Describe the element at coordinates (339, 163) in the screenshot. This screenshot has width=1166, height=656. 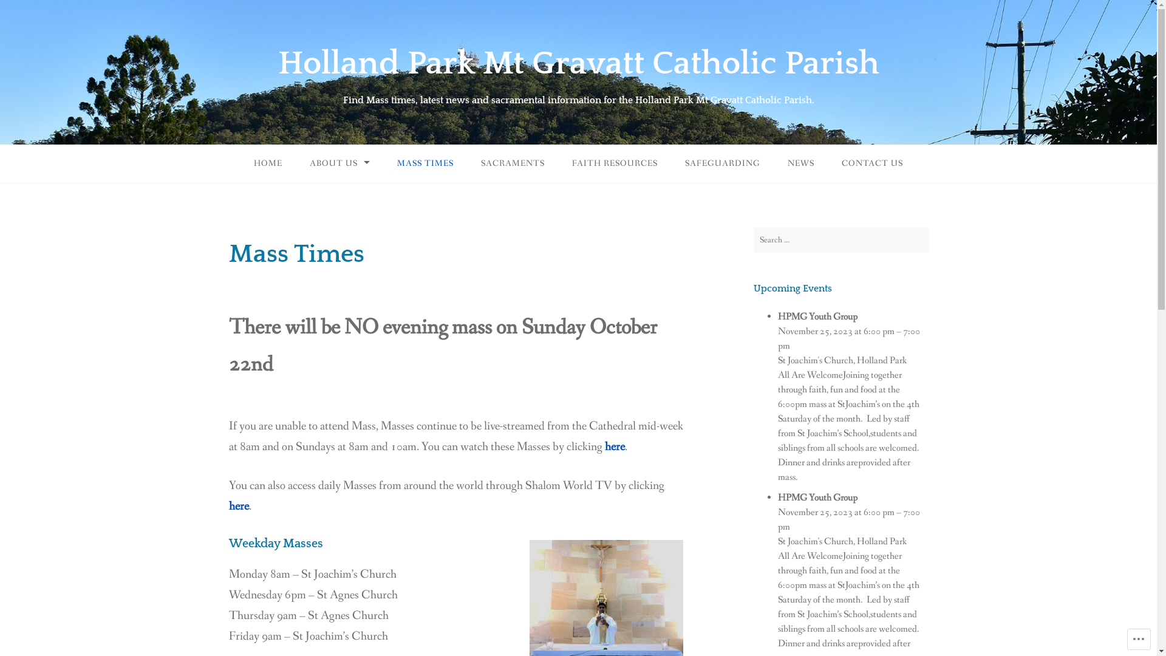
I see `'ABOUT US'` at that location.